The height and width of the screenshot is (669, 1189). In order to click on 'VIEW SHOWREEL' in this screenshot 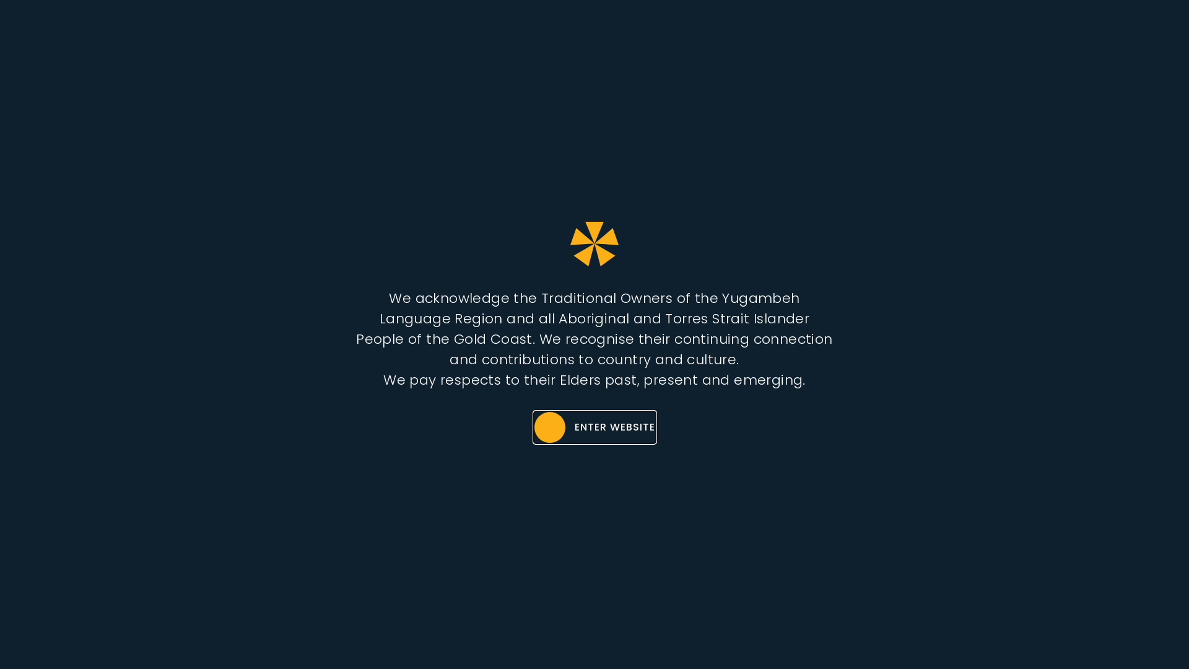, I will do `click(519, 369)`.